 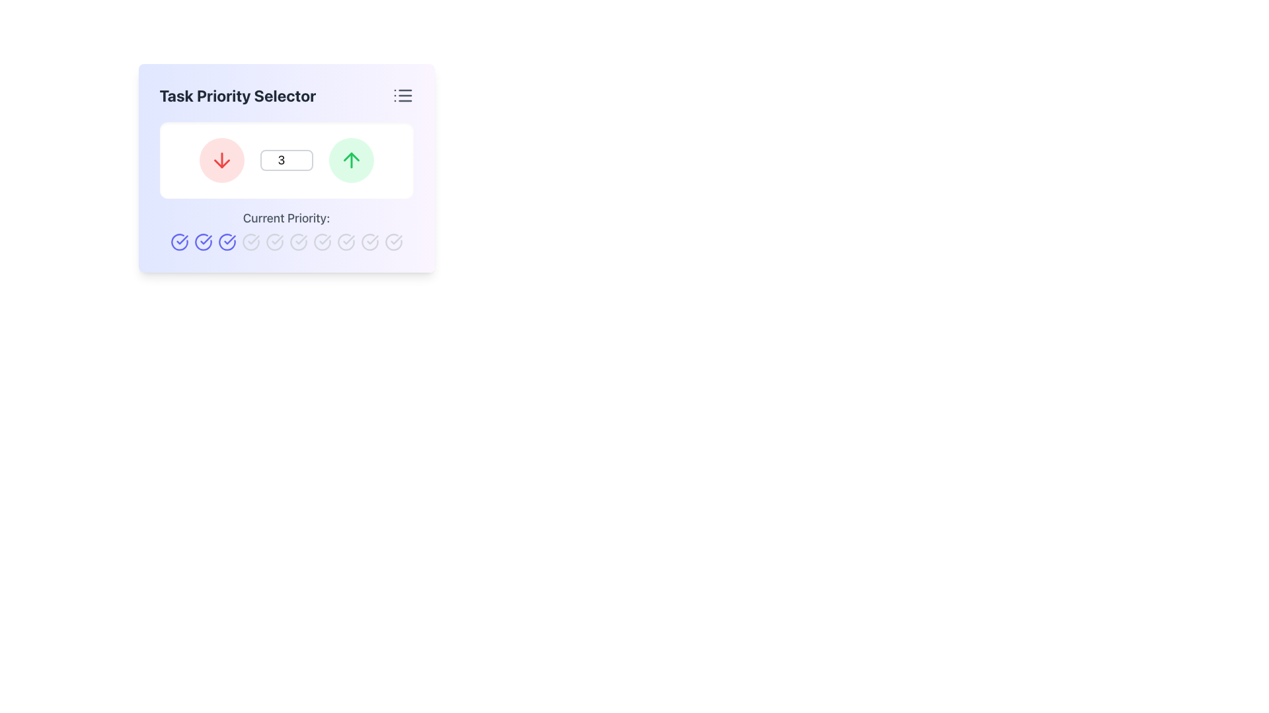 What do you see at coordinates (286, 242) in the screenshot?
I see `the fourth circular icon in the horizontally aligned group of colored checked circles located below the 'Current Priority:' text` at bounding box center [286, 242].